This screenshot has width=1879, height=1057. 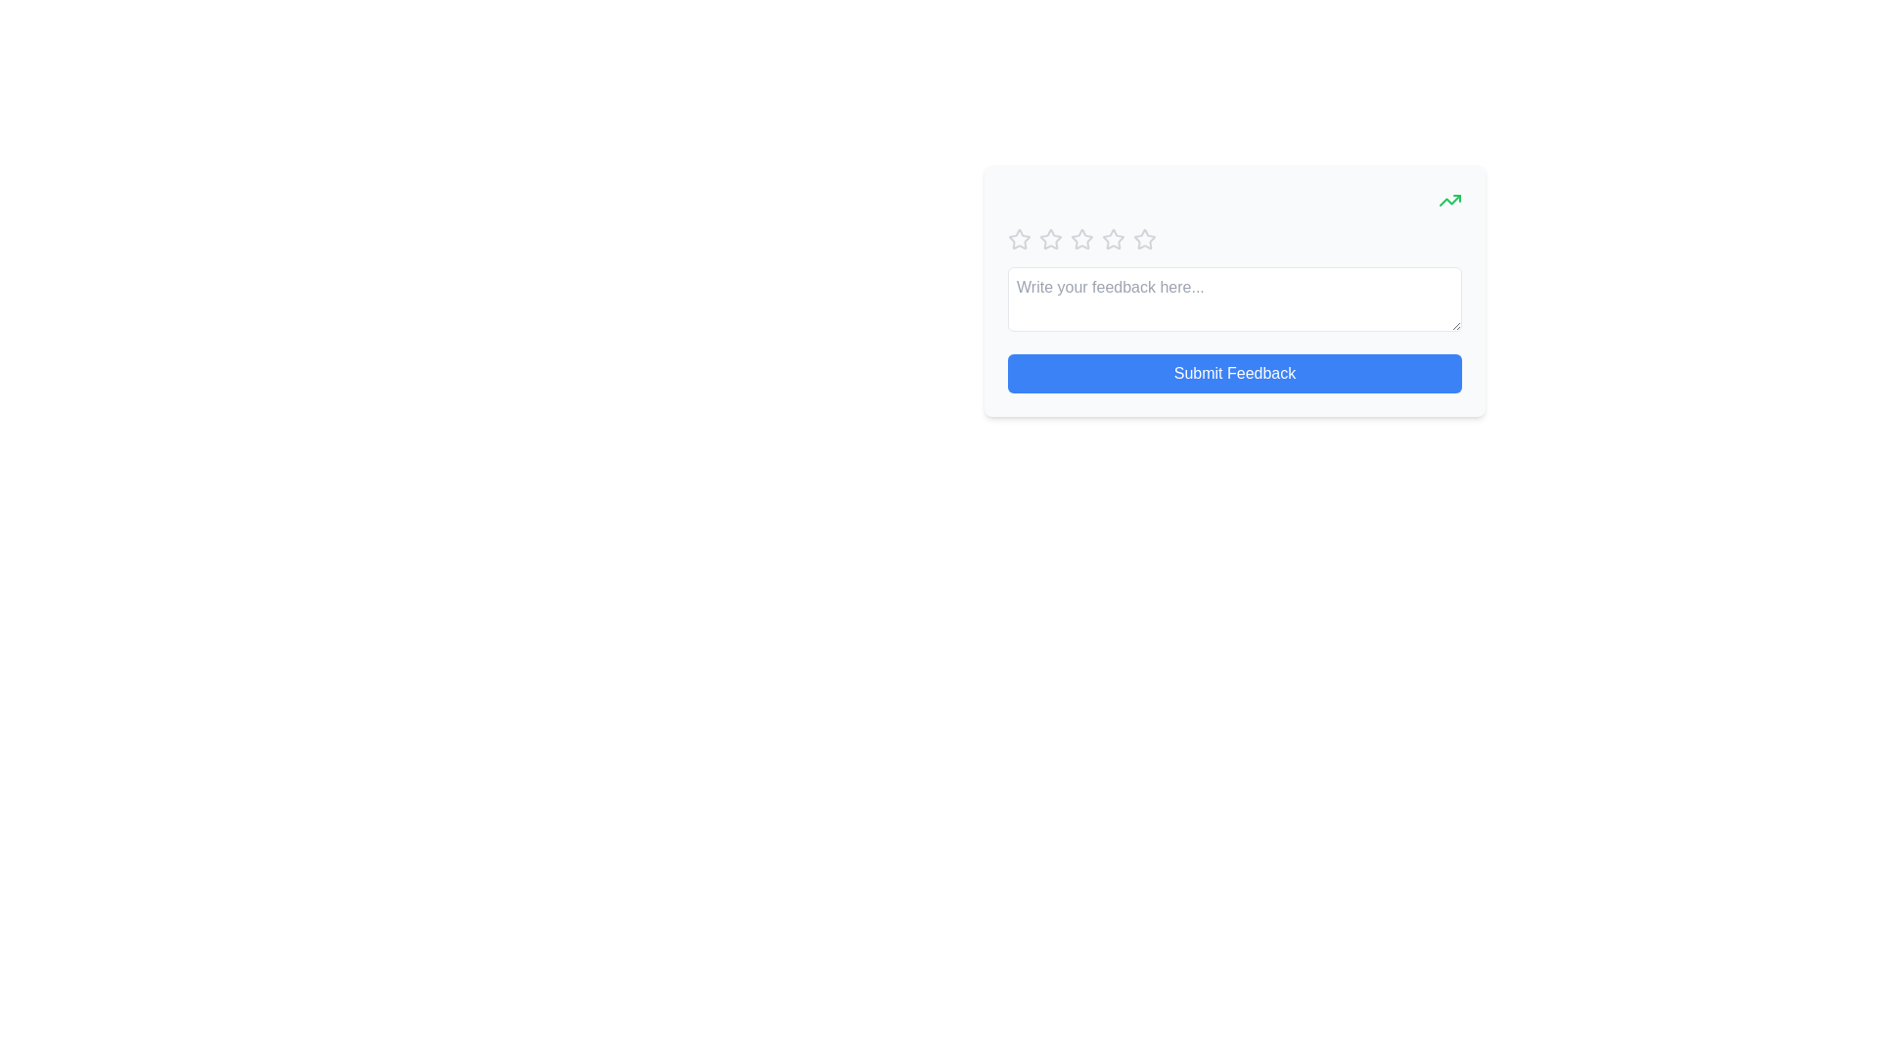 I want to click on the second star icon in the rating component for accessibility navigation, so click(x=1050, y=238).